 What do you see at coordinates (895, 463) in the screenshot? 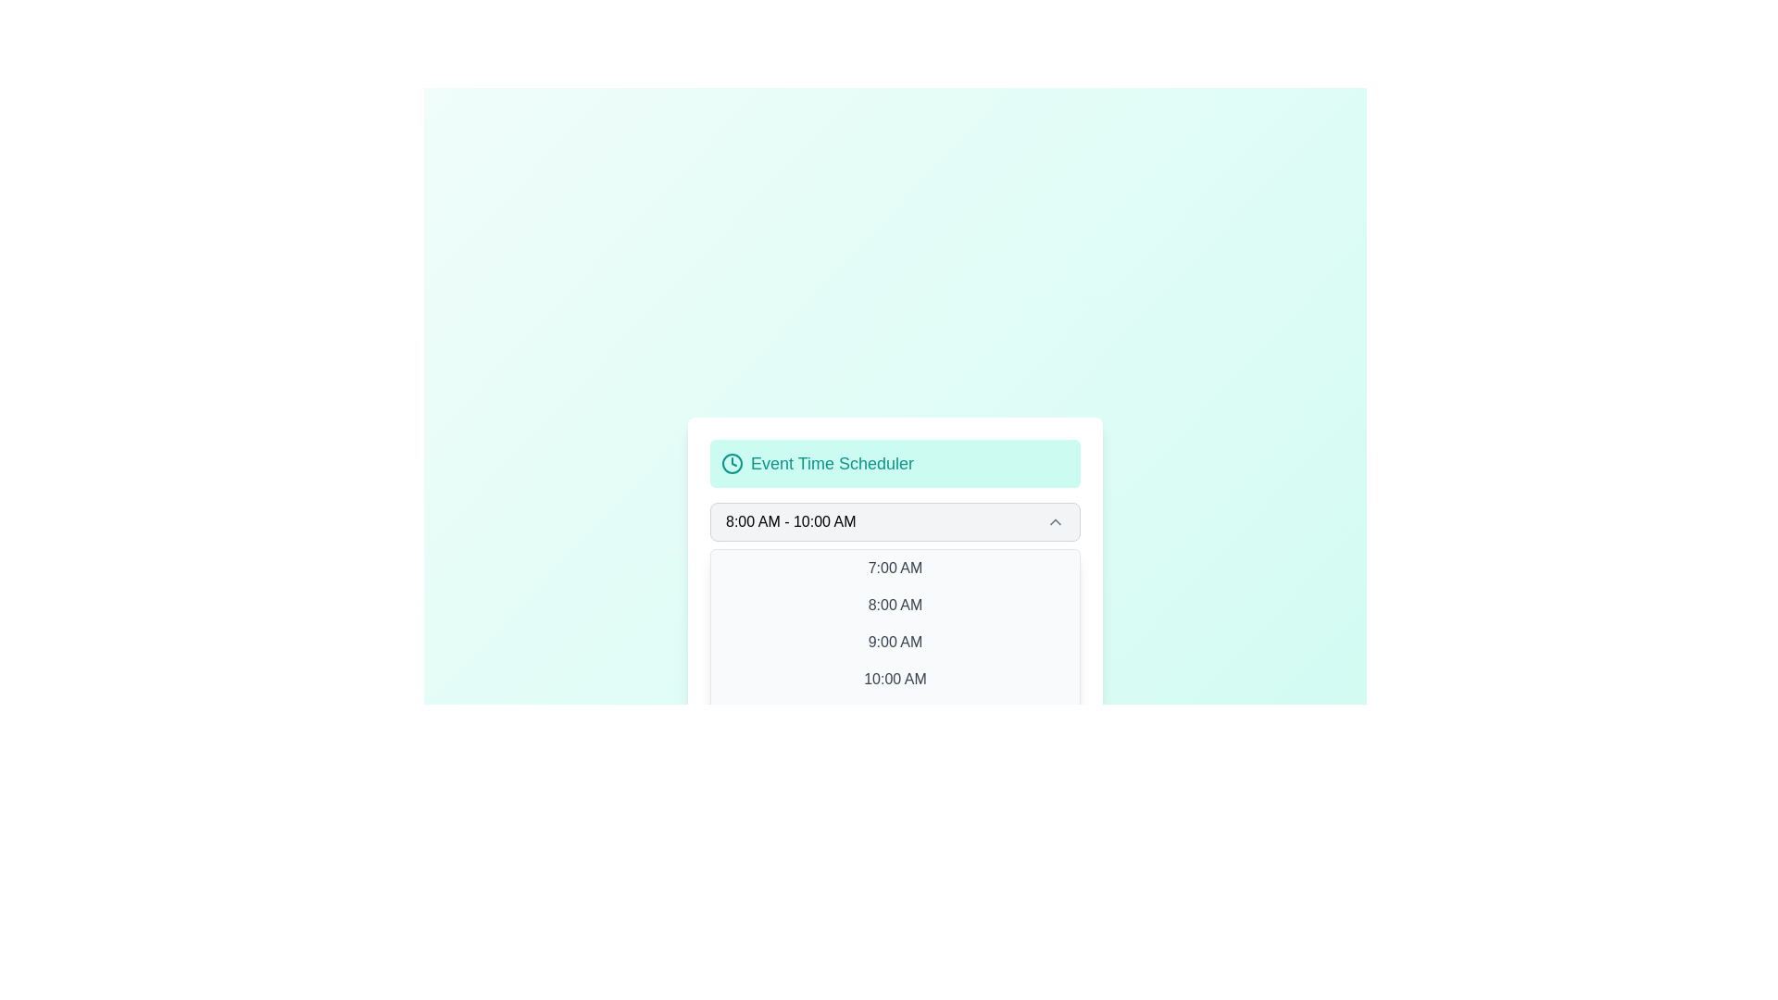
I see `the Label with decorative icon which serves as the title for the card component below it, located in the center of the page, preceding the time-range selector` at bounding box center [895, 463].